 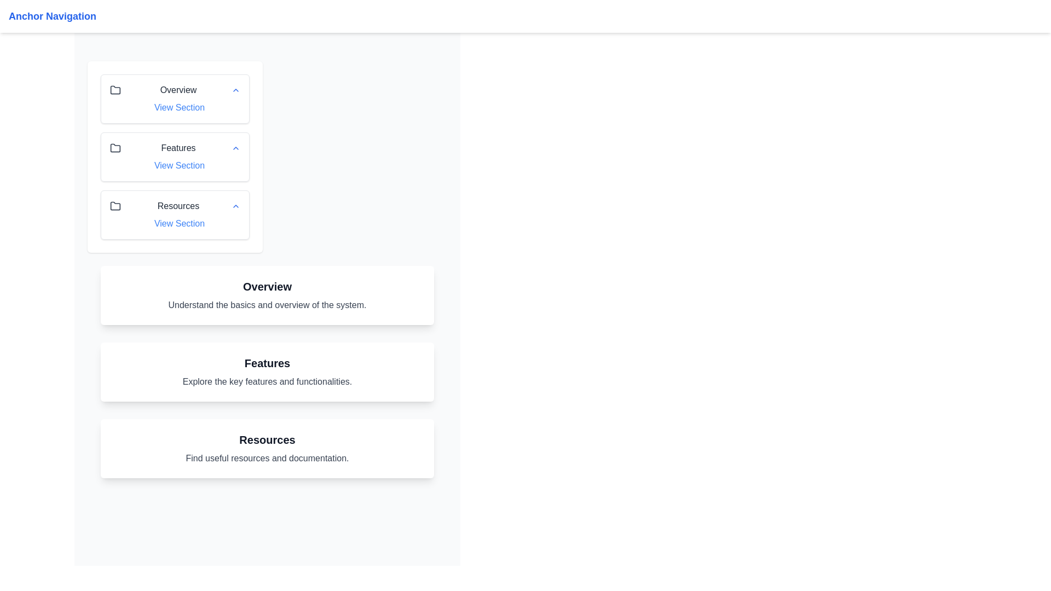 What do you see at coordinates (179, 223) in the screenshot?
I see `the third hyperlink labeled 'View Section' under the 'Resources' section of the left-hand navigation menu` at bounding box center [179, 223].